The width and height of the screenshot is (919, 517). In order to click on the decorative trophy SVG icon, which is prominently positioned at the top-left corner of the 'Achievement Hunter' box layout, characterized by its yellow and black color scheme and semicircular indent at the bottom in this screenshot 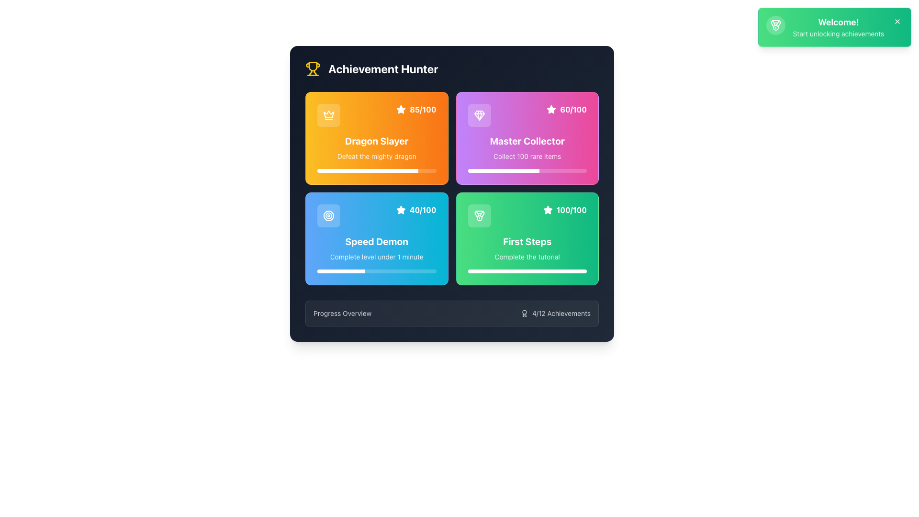, I will do `click(313, 66)`.